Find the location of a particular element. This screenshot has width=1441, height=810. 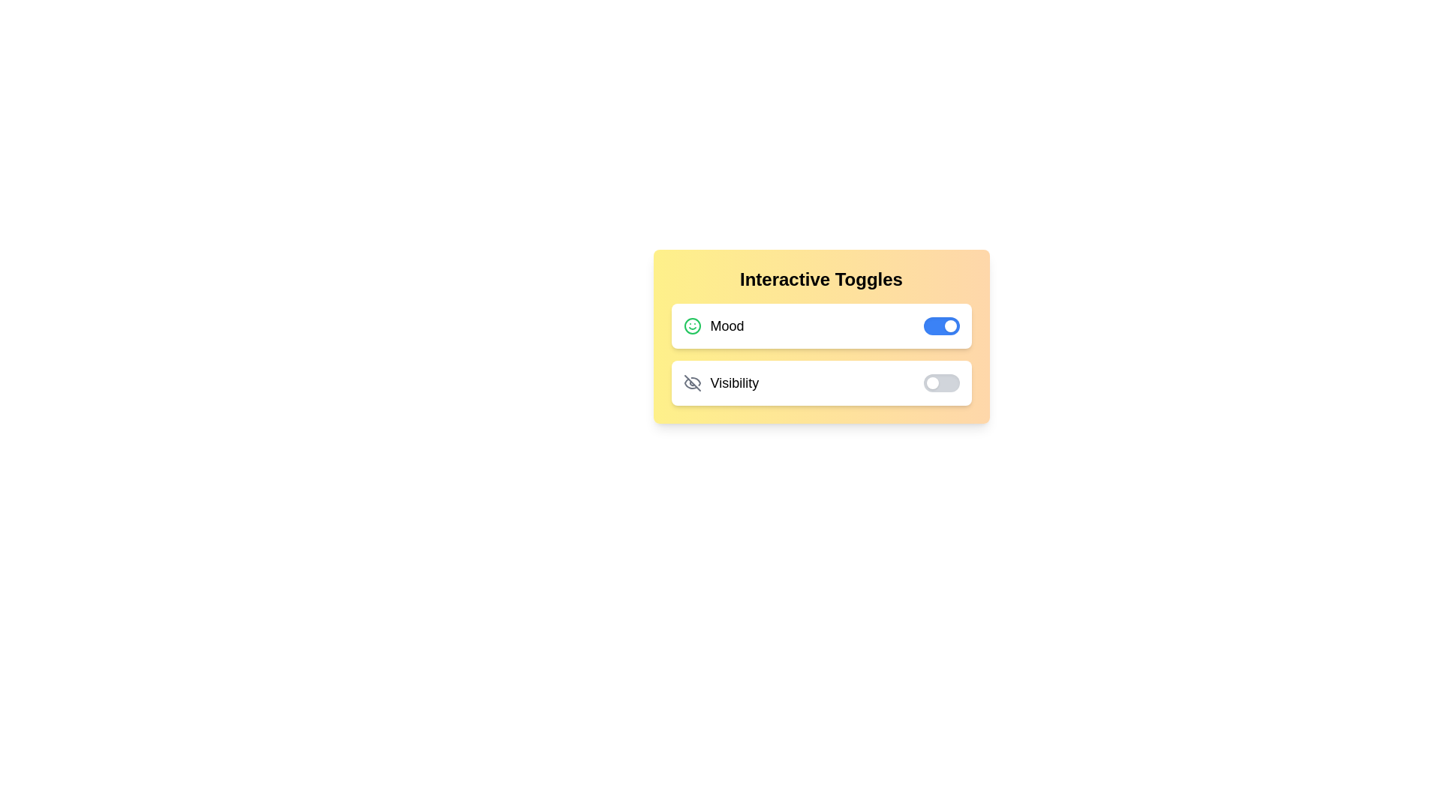

the icon corresponding to Mood to toggle its state is located at coordinates (691, 325).